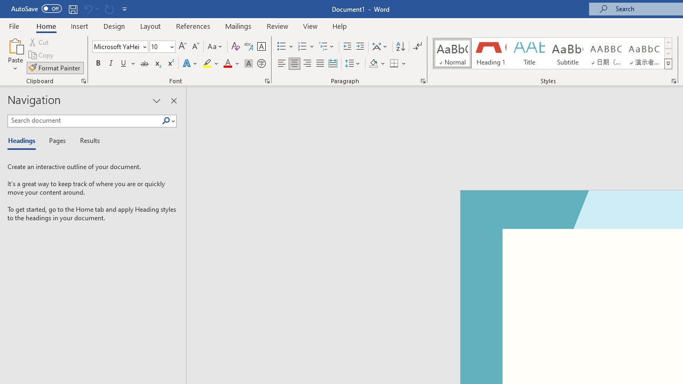 This screenshot has width=683, height=384. What do you see at coordinates (261, 63) in the screenshot?
I see `'Enclose Characters...'` at bounding box center [261, 63].